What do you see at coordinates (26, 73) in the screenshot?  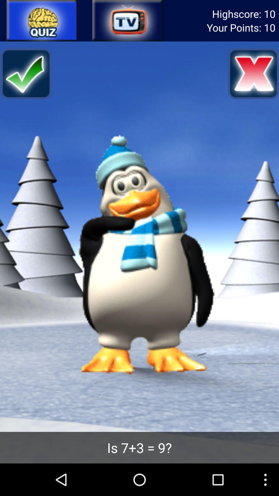 I see `check button` at bounding box center [26, 73].